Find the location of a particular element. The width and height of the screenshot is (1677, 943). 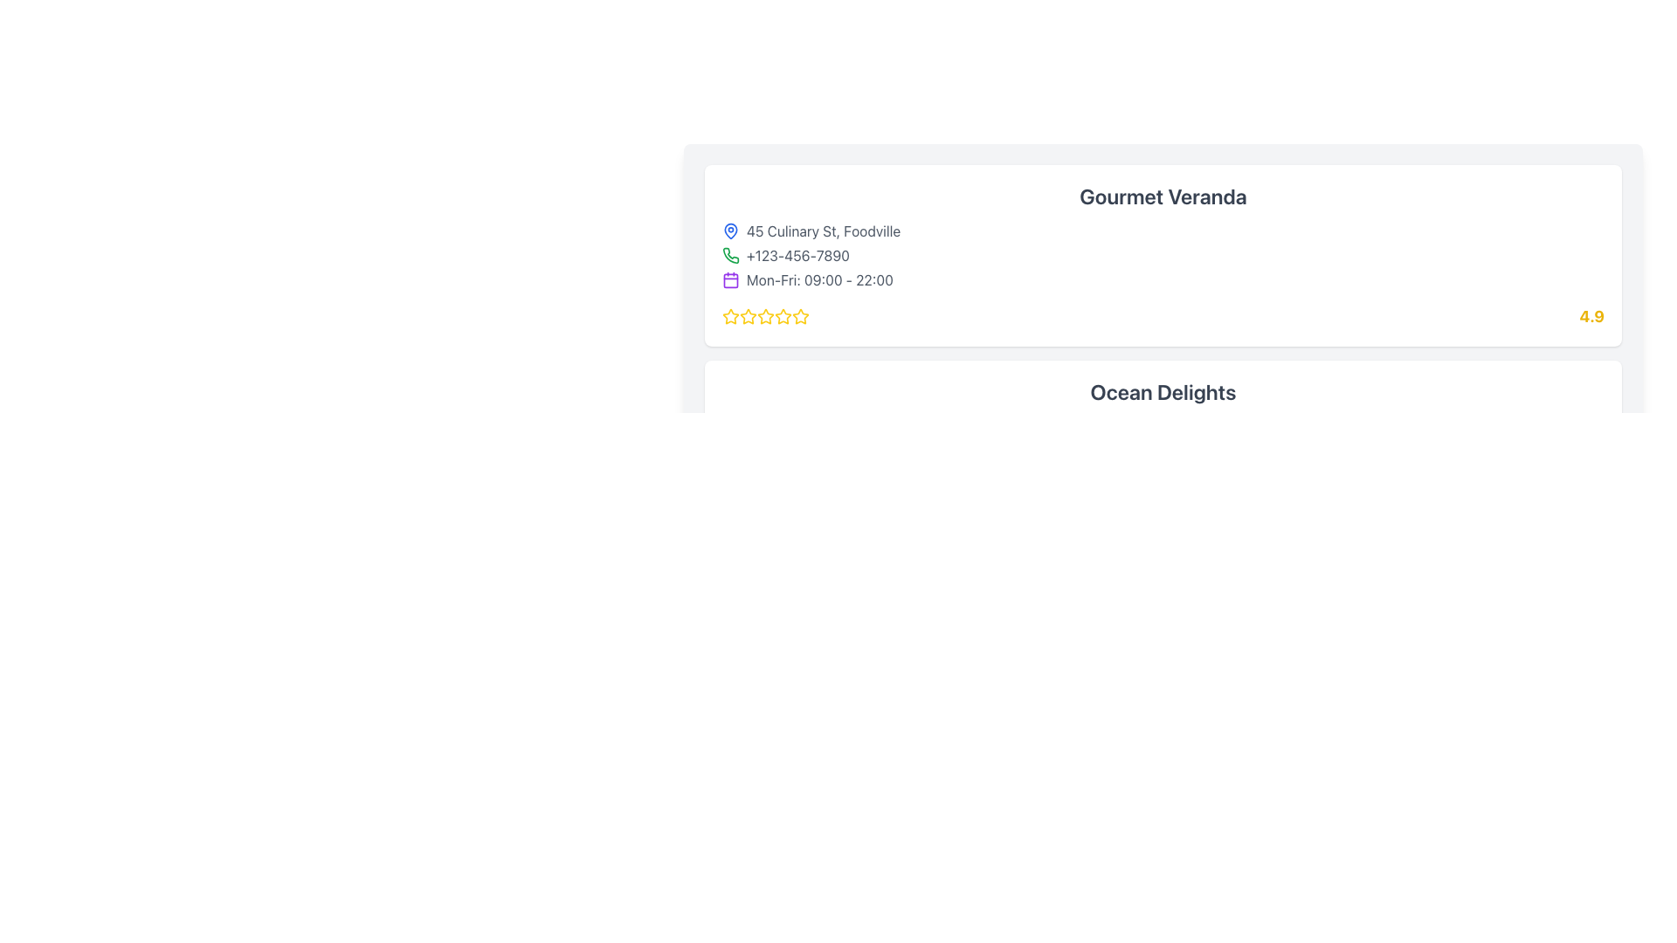

the first rating star icon located at the bottom of the 'Gourmet Veranda' box is located at coordinates (730, 316).